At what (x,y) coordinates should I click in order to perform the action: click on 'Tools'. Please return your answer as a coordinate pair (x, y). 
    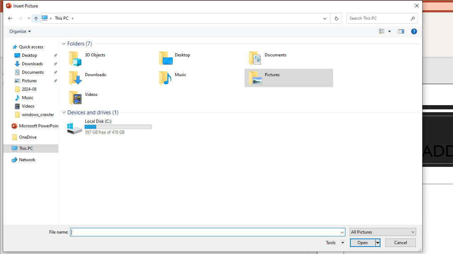
    Looking at the image, I should click on (333, 242).